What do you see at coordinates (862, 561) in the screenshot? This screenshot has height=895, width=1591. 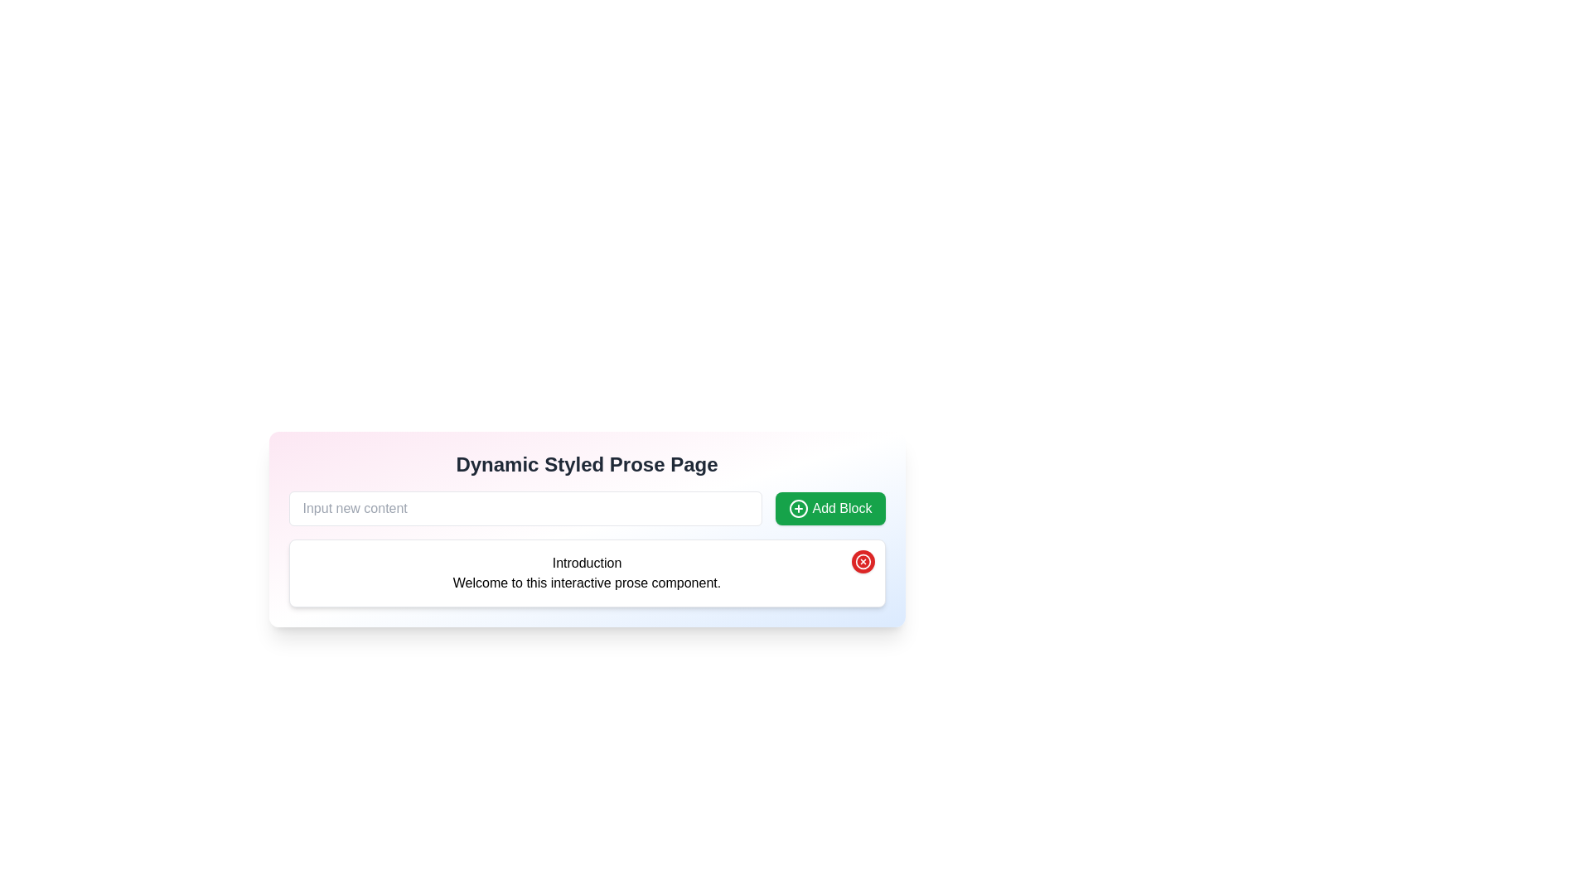 I see `the prominent red circular button located in the upper-right corner of the white box containing the text 'Introduction Welcome to this interactive prose component.'` at bounding box center [862, 561].